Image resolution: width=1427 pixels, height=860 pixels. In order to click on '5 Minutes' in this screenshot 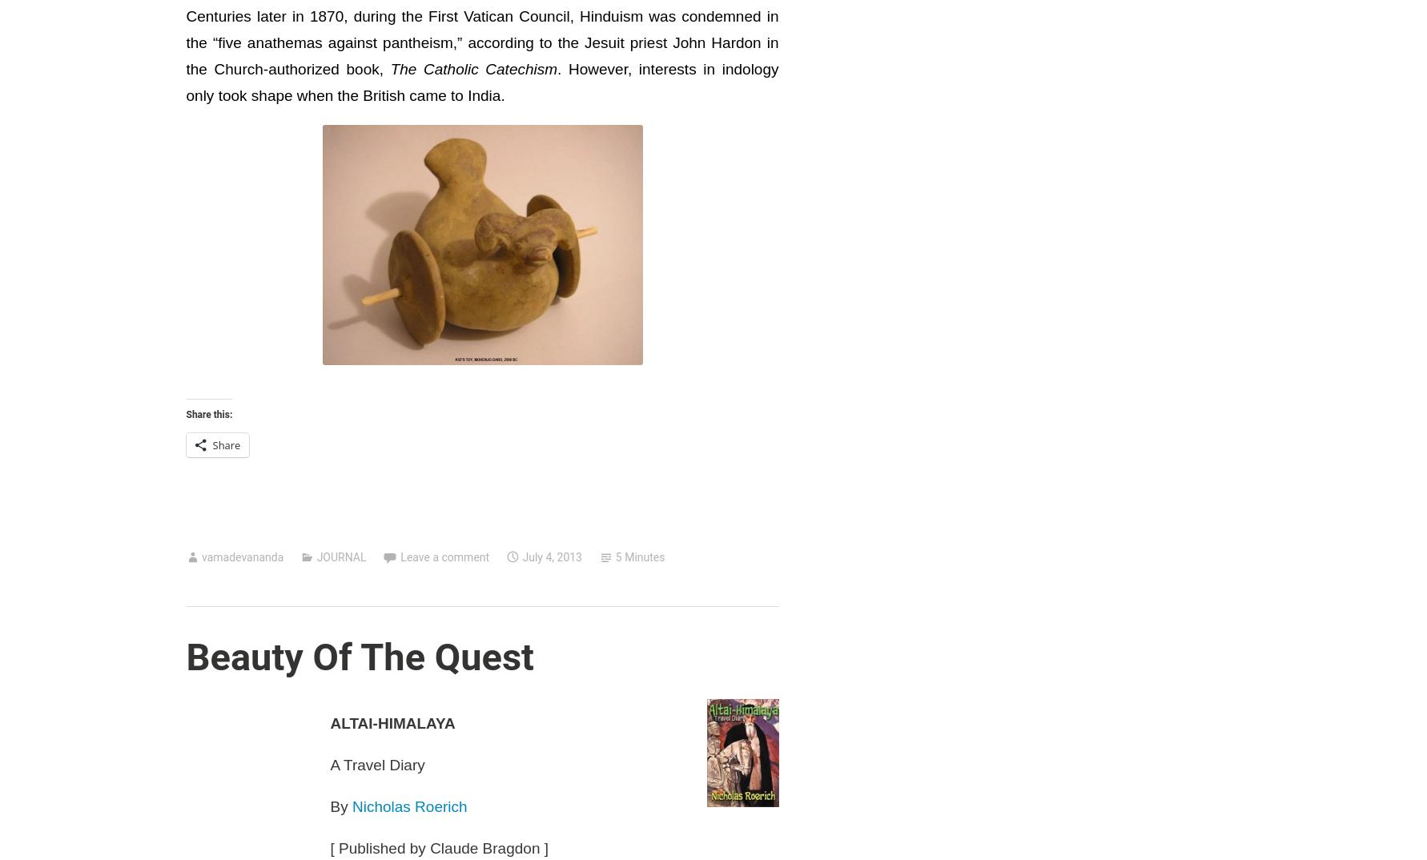, I will do `click(640, 555)`.